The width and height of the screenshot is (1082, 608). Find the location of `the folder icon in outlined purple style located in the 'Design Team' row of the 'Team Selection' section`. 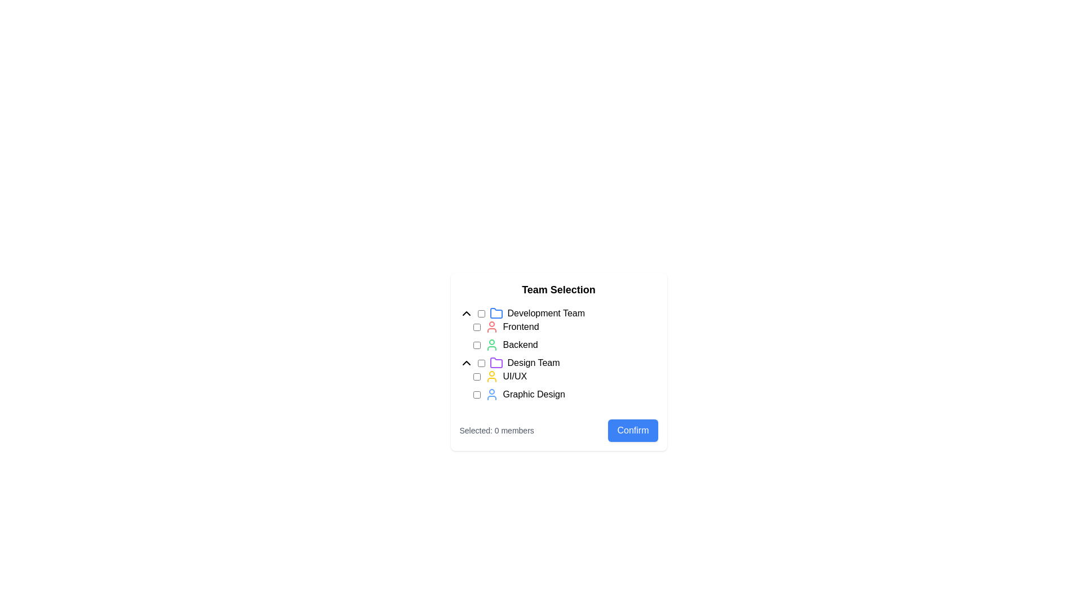

the folder icon in outlined purple style located in the 'Design Team' row of the 'Team Selection' section is located at coordinates (496, 363).